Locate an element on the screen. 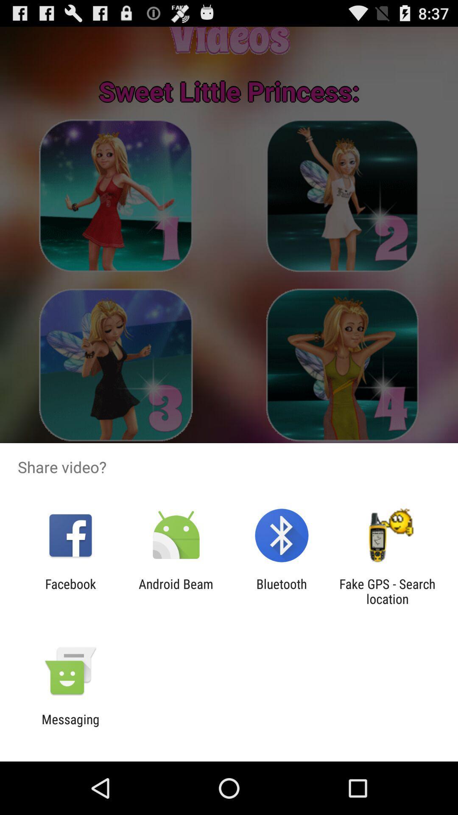  icon next to the bluetooth is located at coordinates (387, 591).